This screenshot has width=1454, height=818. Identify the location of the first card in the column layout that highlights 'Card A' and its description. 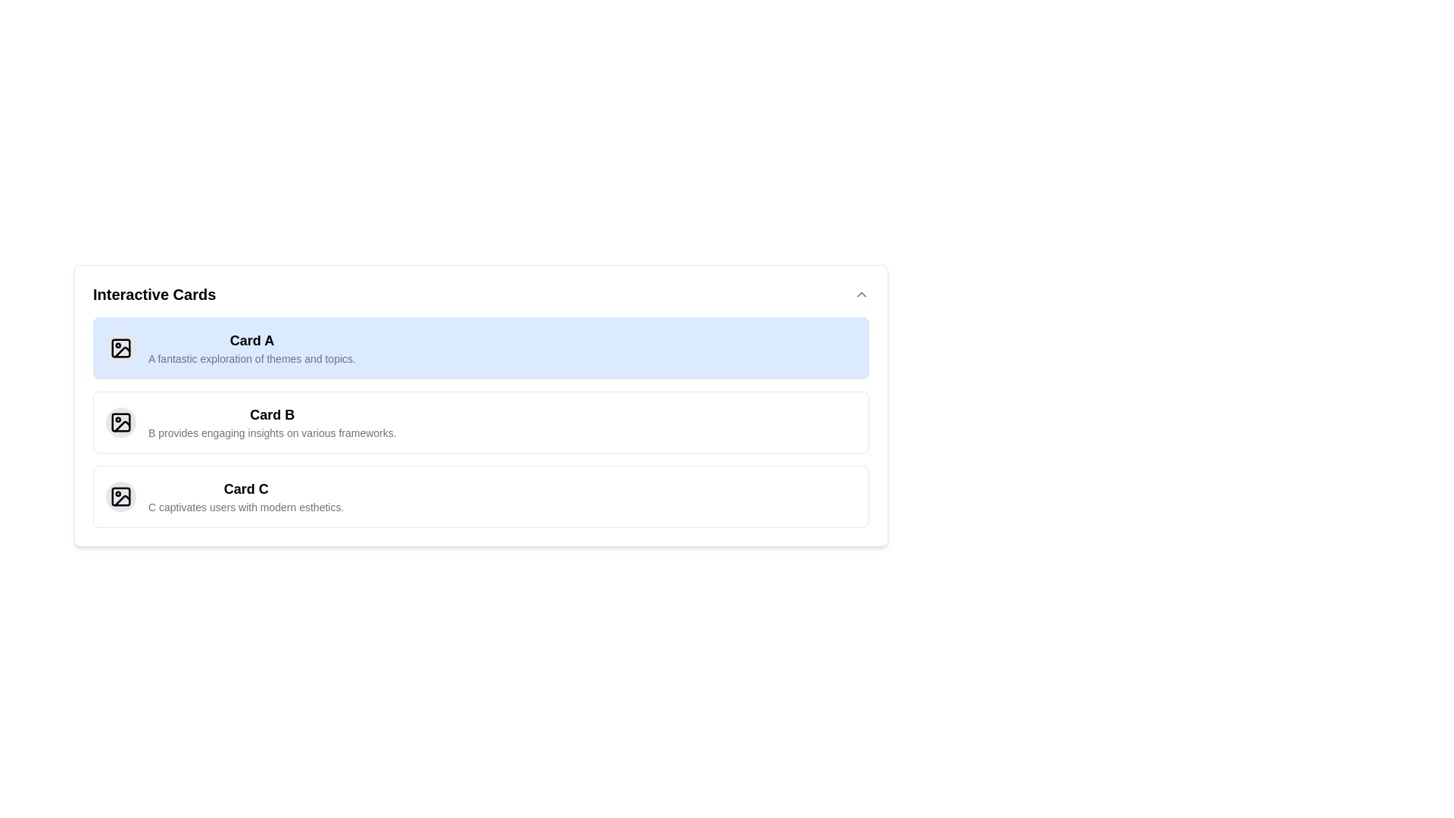
(480, 348).